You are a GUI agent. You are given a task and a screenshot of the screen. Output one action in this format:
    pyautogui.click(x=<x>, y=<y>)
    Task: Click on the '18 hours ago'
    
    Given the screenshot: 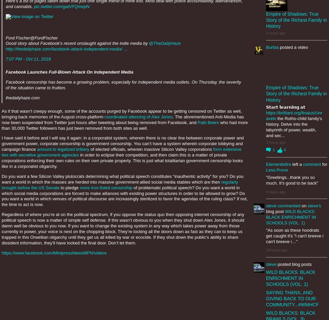 What is the action you would take?
    pyautogui.click(x=276, y=250)
    